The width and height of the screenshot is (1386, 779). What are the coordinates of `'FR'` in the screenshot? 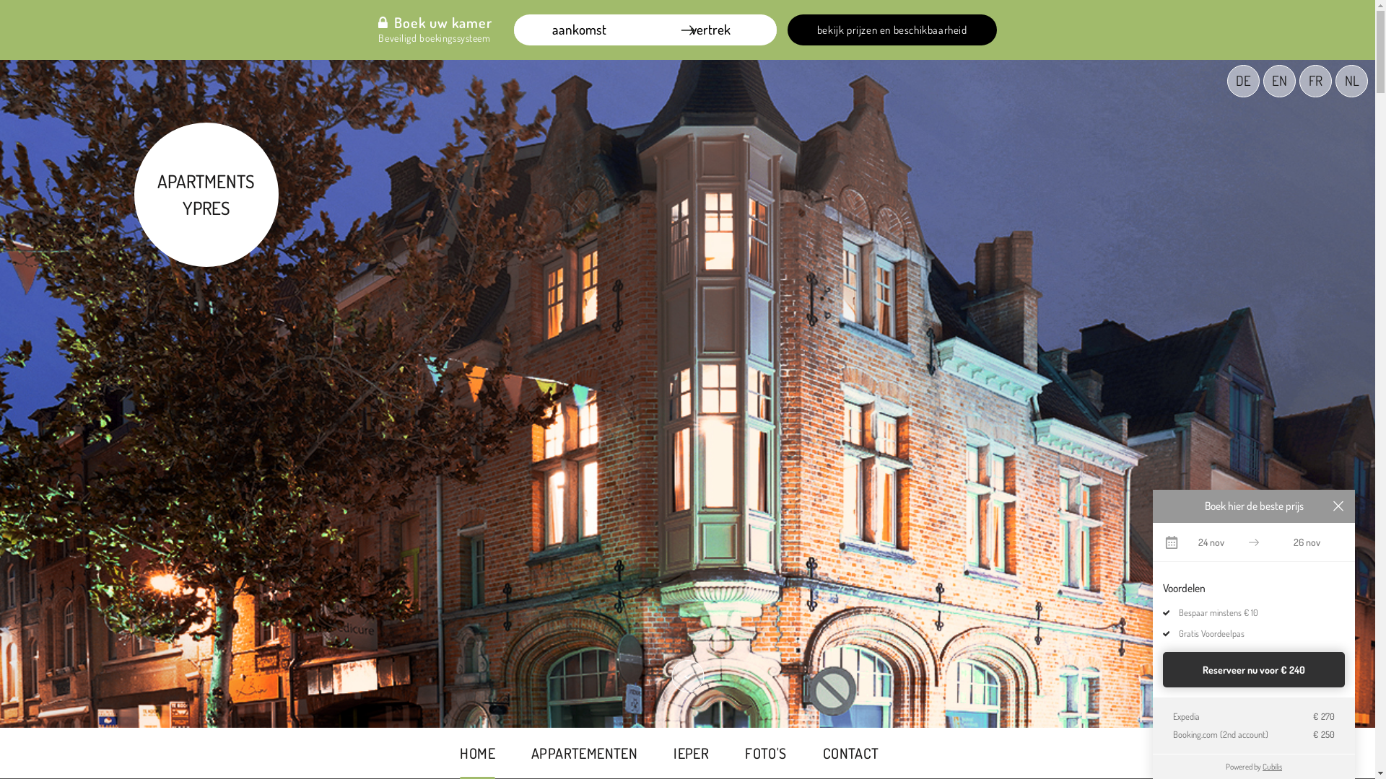 It's located at (1299, 81).